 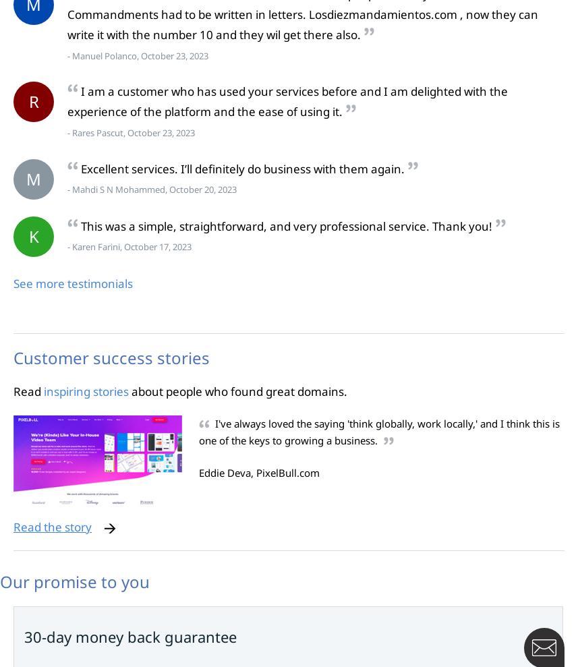 What do you see at coordinates (137, 55) in the screenshot?
I see `'- Manuel Polanco, October 23, 2023'` at bounding box center [137, 55].